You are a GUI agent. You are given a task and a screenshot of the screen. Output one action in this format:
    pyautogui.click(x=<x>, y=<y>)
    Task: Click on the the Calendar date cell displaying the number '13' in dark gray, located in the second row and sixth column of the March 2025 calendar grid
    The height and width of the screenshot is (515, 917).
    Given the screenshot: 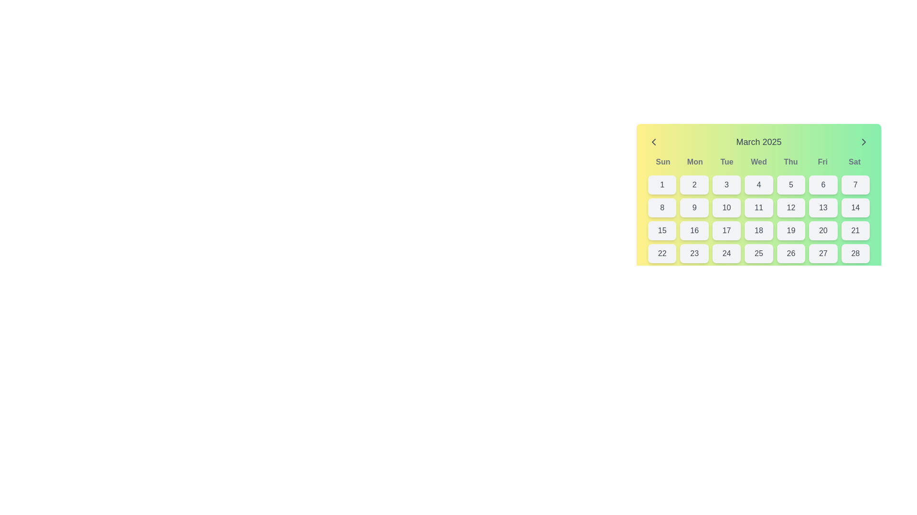 What is the action you would take?
    pyautogui.click(x=822, y=207)
    